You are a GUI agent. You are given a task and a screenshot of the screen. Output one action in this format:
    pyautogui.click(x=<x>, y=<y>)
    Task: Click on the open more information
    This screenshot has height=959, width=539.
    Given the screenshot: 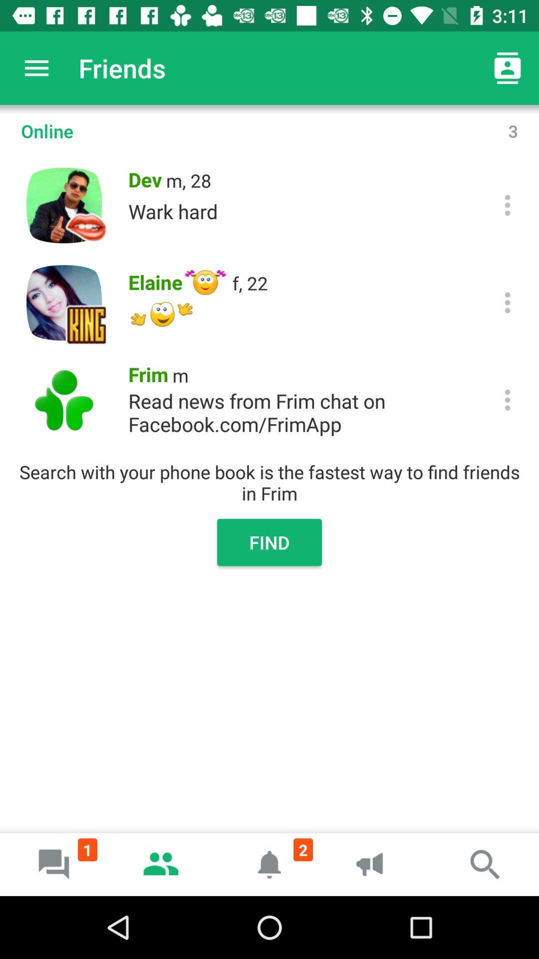 What is the action you would take?
    pyautogui.click(x=508, y=205)
    